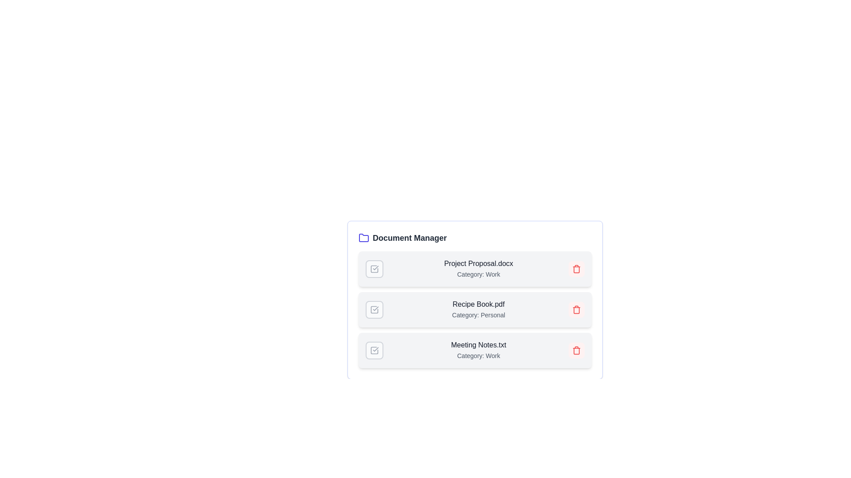 The width and height of the screenshot is (851, 478). I want to click on the text label displaying 'Project Proposal.docx' in bold, which is the second item within the card layout in the 'Document Manager' section, so click(478, 269).